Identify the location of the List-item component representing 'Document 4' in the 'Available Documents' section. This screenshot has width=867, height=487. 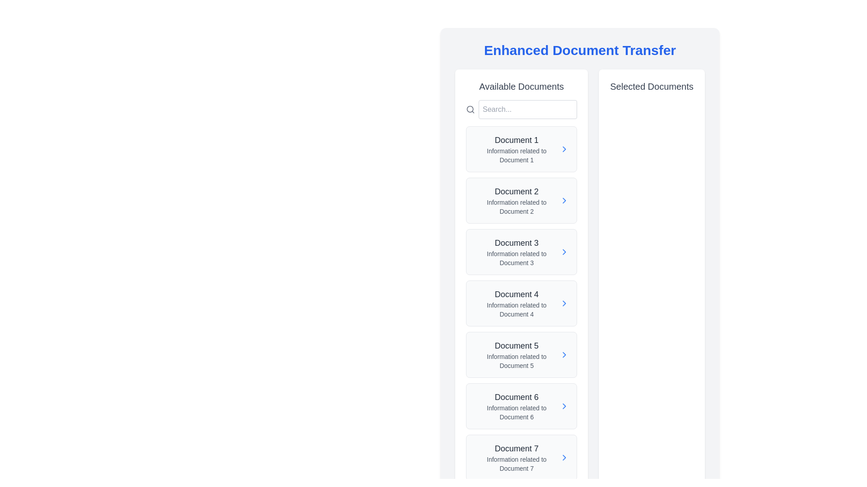
(517, 303).